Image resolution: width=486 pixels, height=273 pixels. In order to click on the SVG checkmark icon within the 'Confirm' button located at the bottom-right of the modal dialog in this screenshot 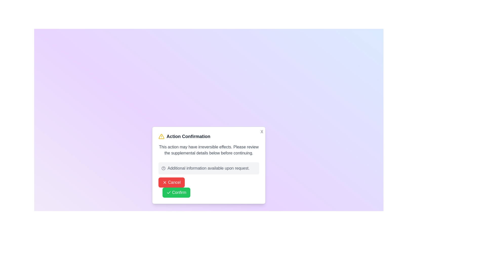, I will do `click(169, 193)`.